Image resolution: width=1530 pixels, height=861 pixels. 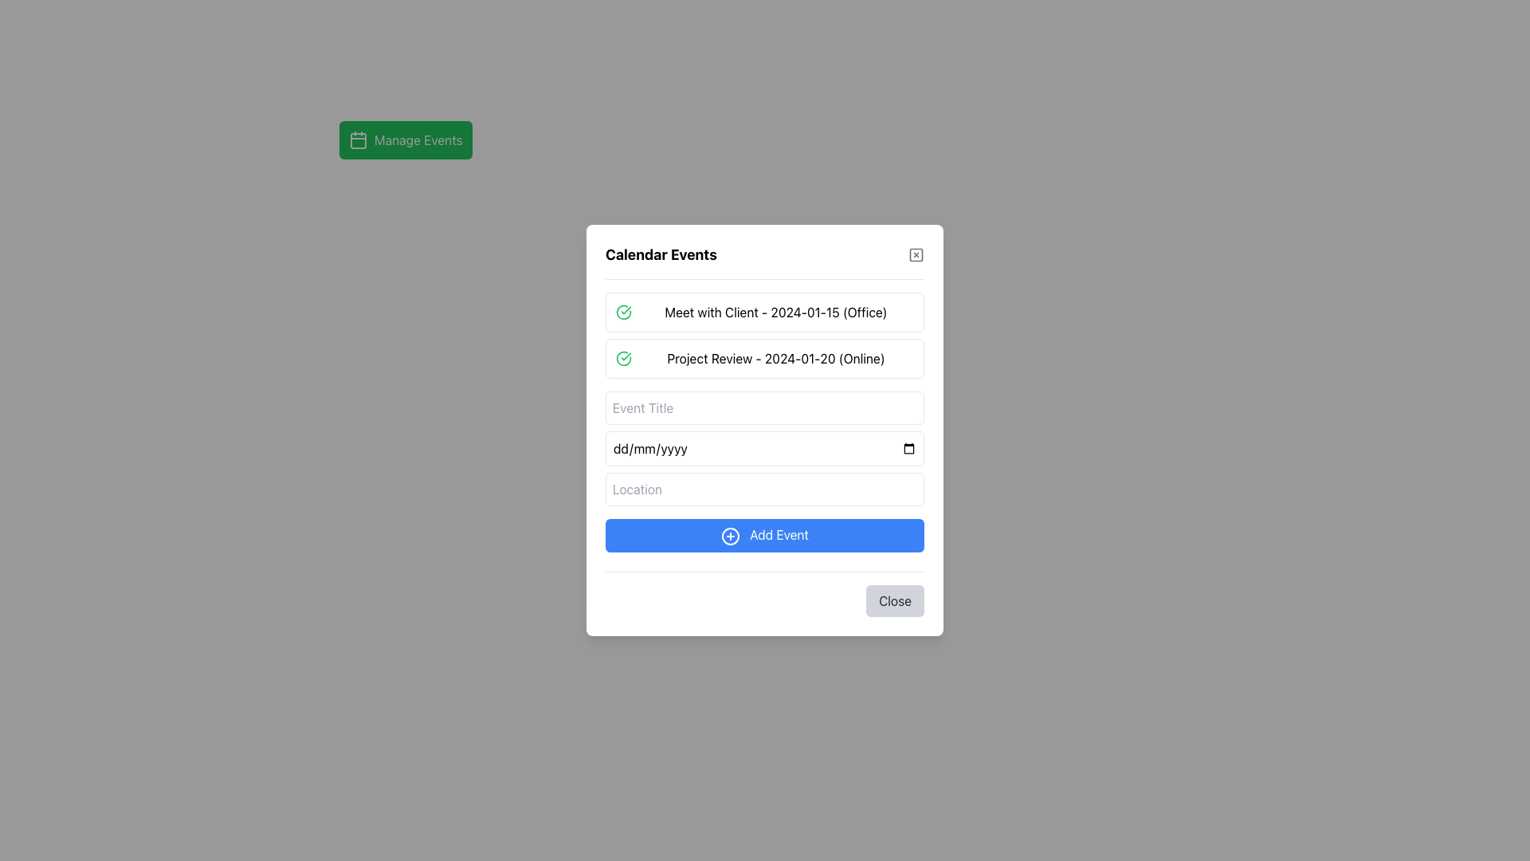 I want to click on the button located at the top-left of the interface that manages events, so click(x=406, y=140).